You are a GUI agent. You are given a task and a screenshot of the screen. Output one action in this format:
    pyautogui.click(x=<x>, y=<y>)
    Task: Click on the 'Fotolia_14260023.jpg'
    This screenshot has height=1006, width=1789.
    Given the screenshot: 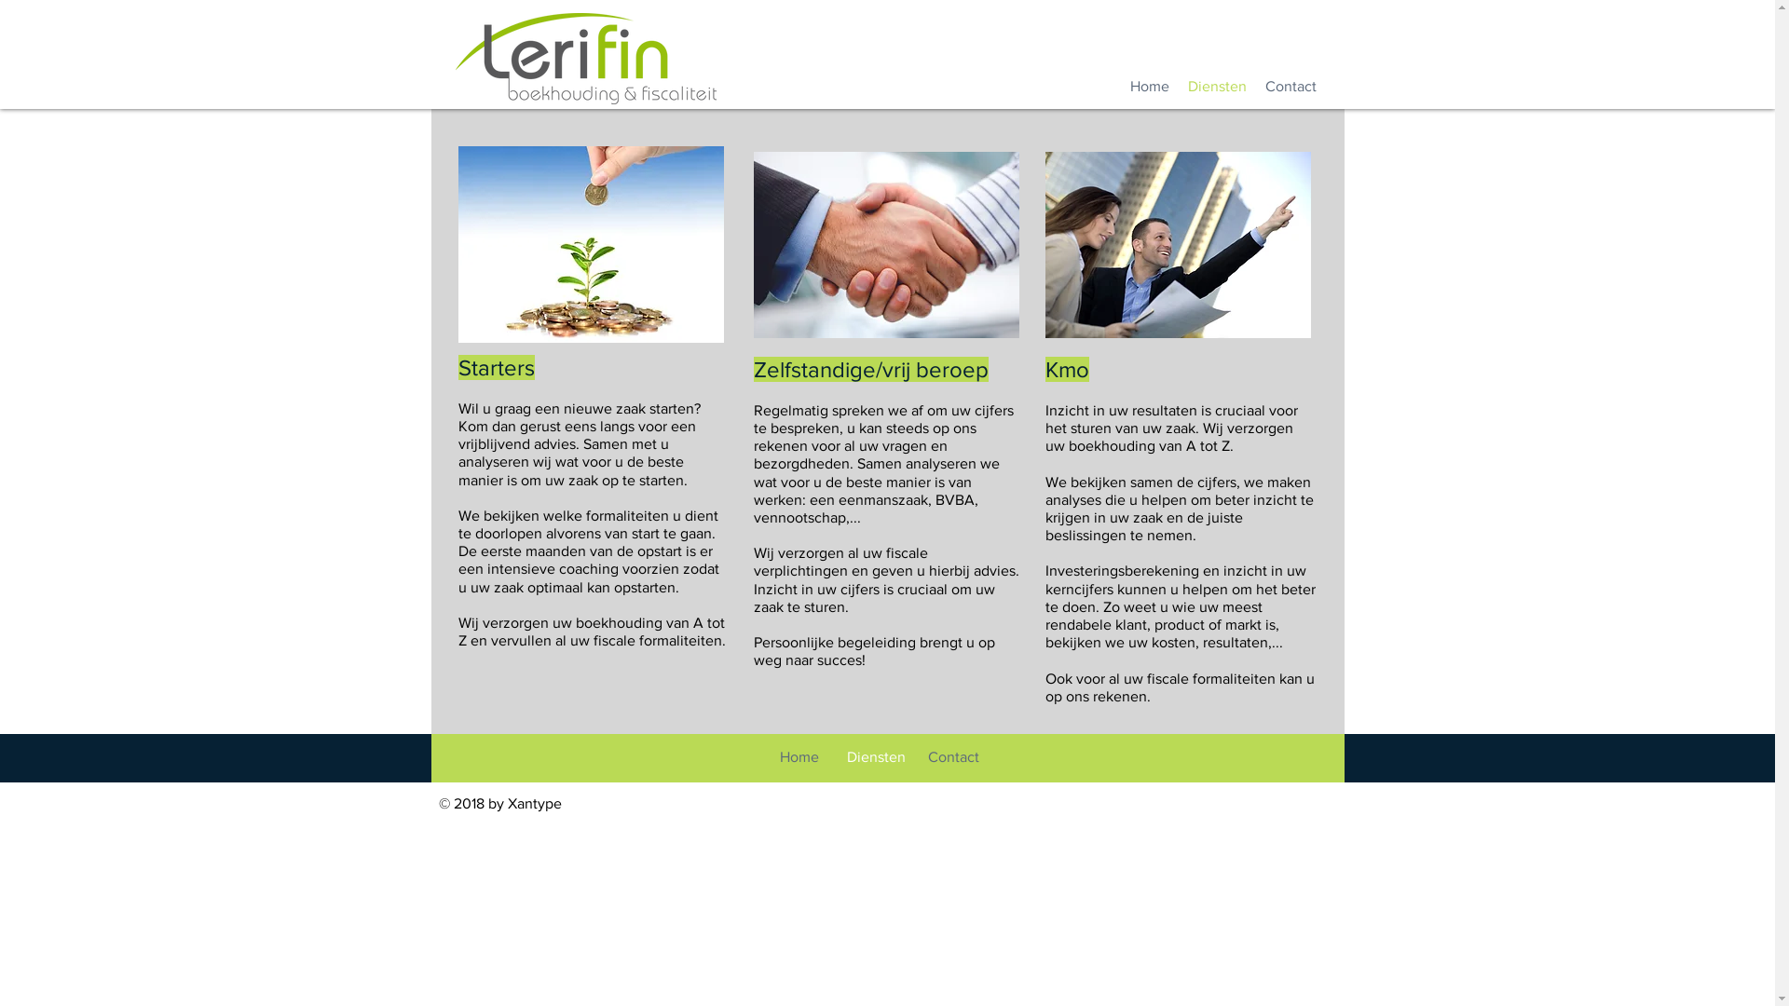 What is the action you would take?
    pyautogui.click(x=590, y=243)
    